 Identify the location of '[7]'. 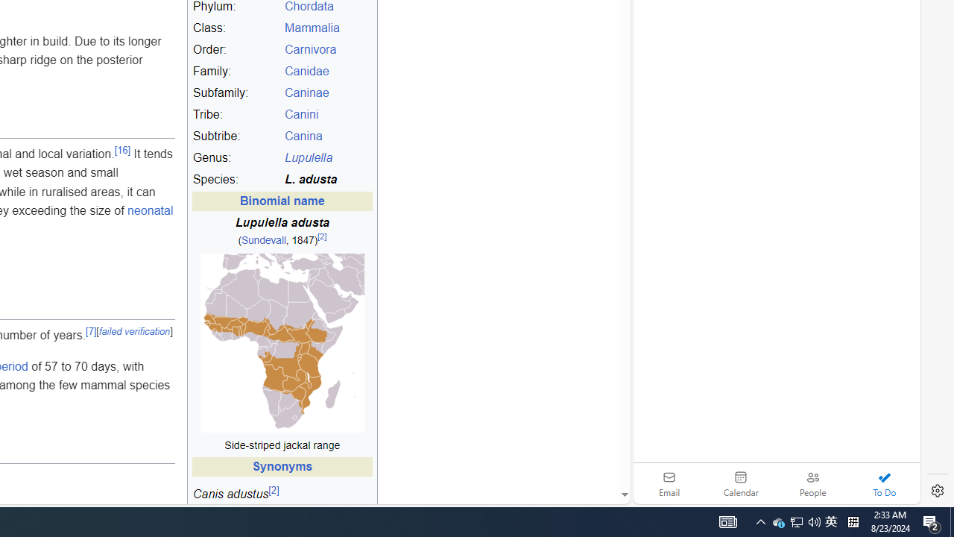
(90, 330).